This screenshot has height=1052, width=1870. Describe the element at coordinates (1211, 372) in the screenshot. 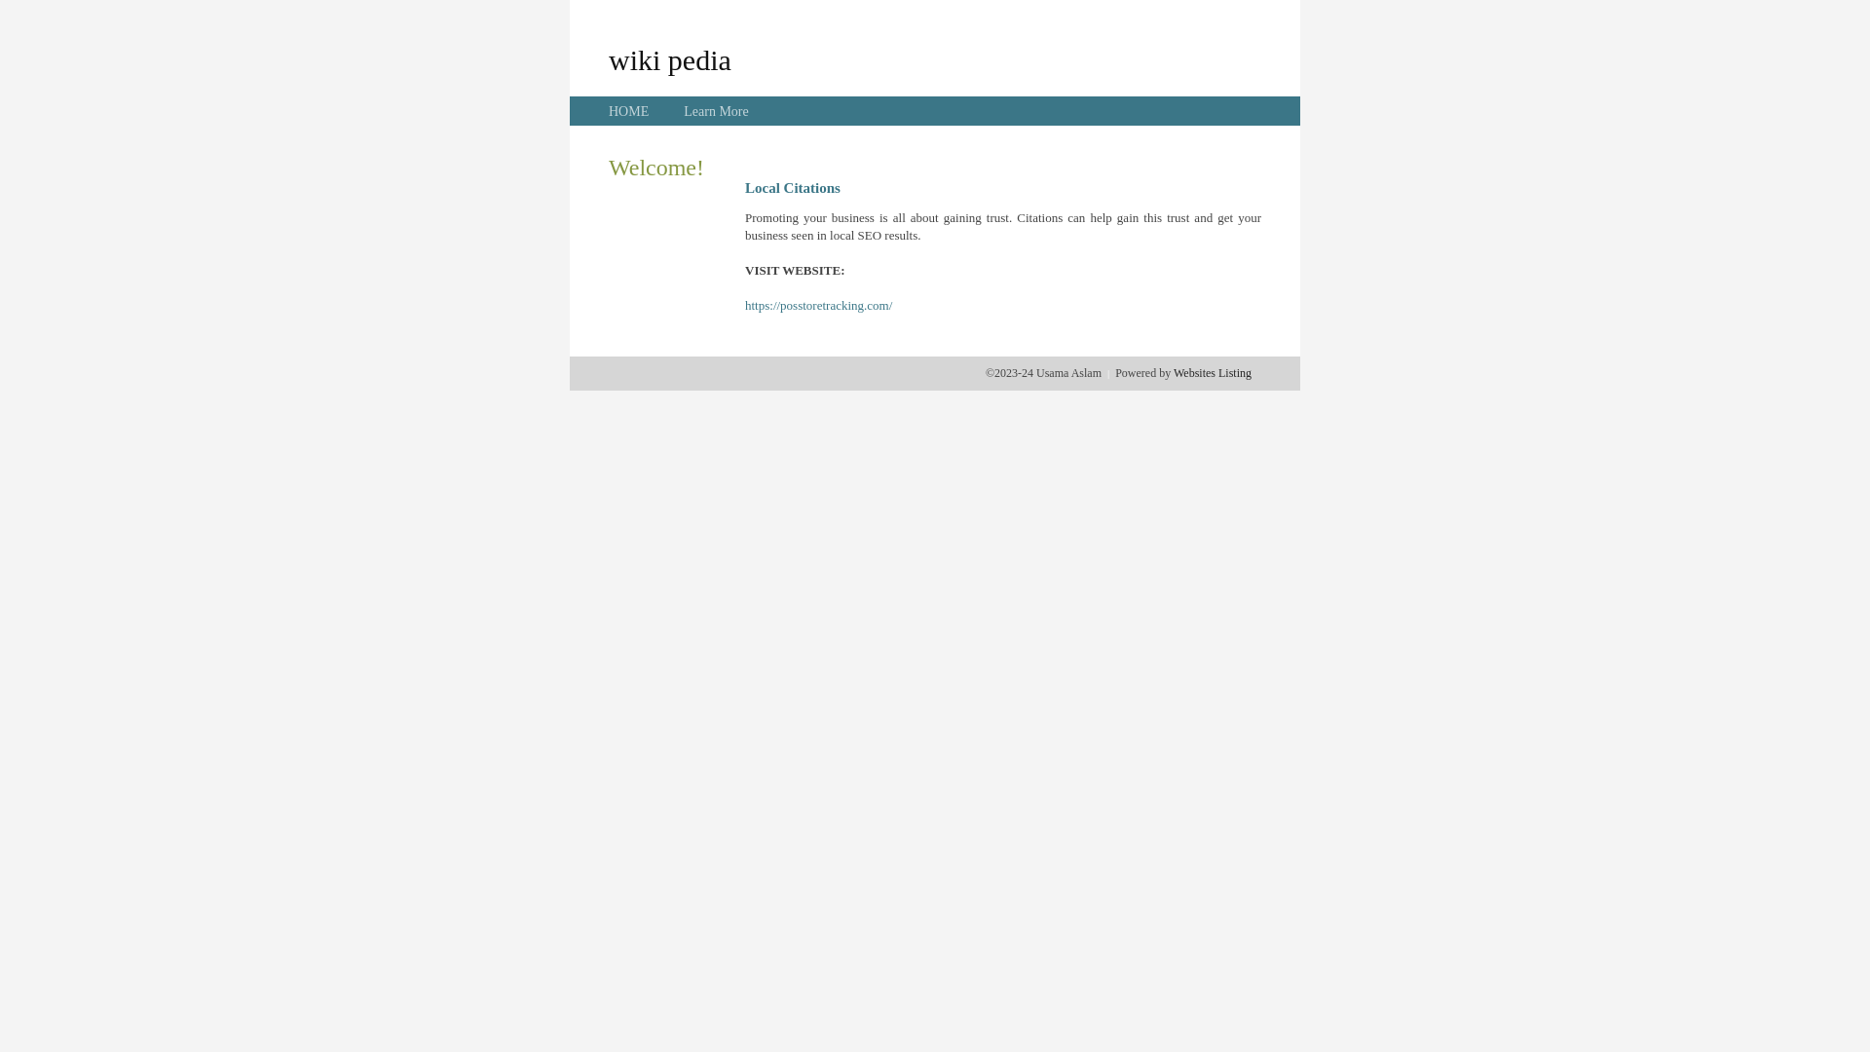

I see `'Websites Listing'` at that location.